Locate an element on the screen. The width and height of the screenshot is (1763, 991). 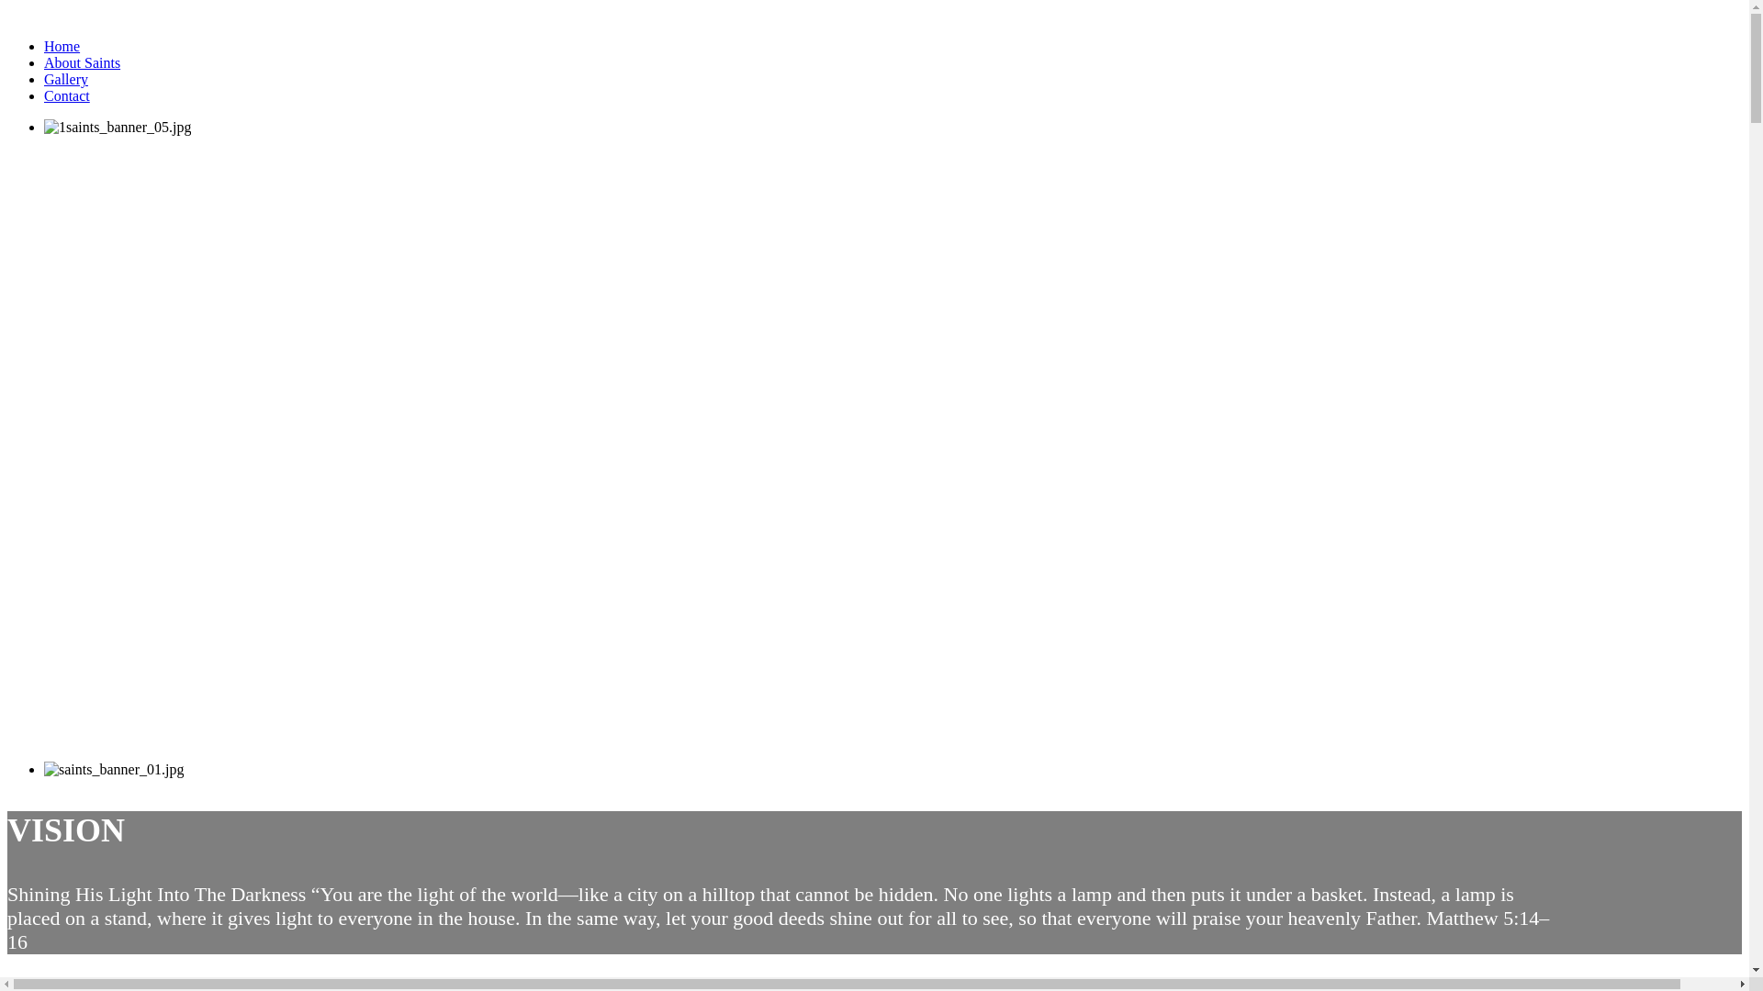
'Contact' is located at coordinates (44, 95).